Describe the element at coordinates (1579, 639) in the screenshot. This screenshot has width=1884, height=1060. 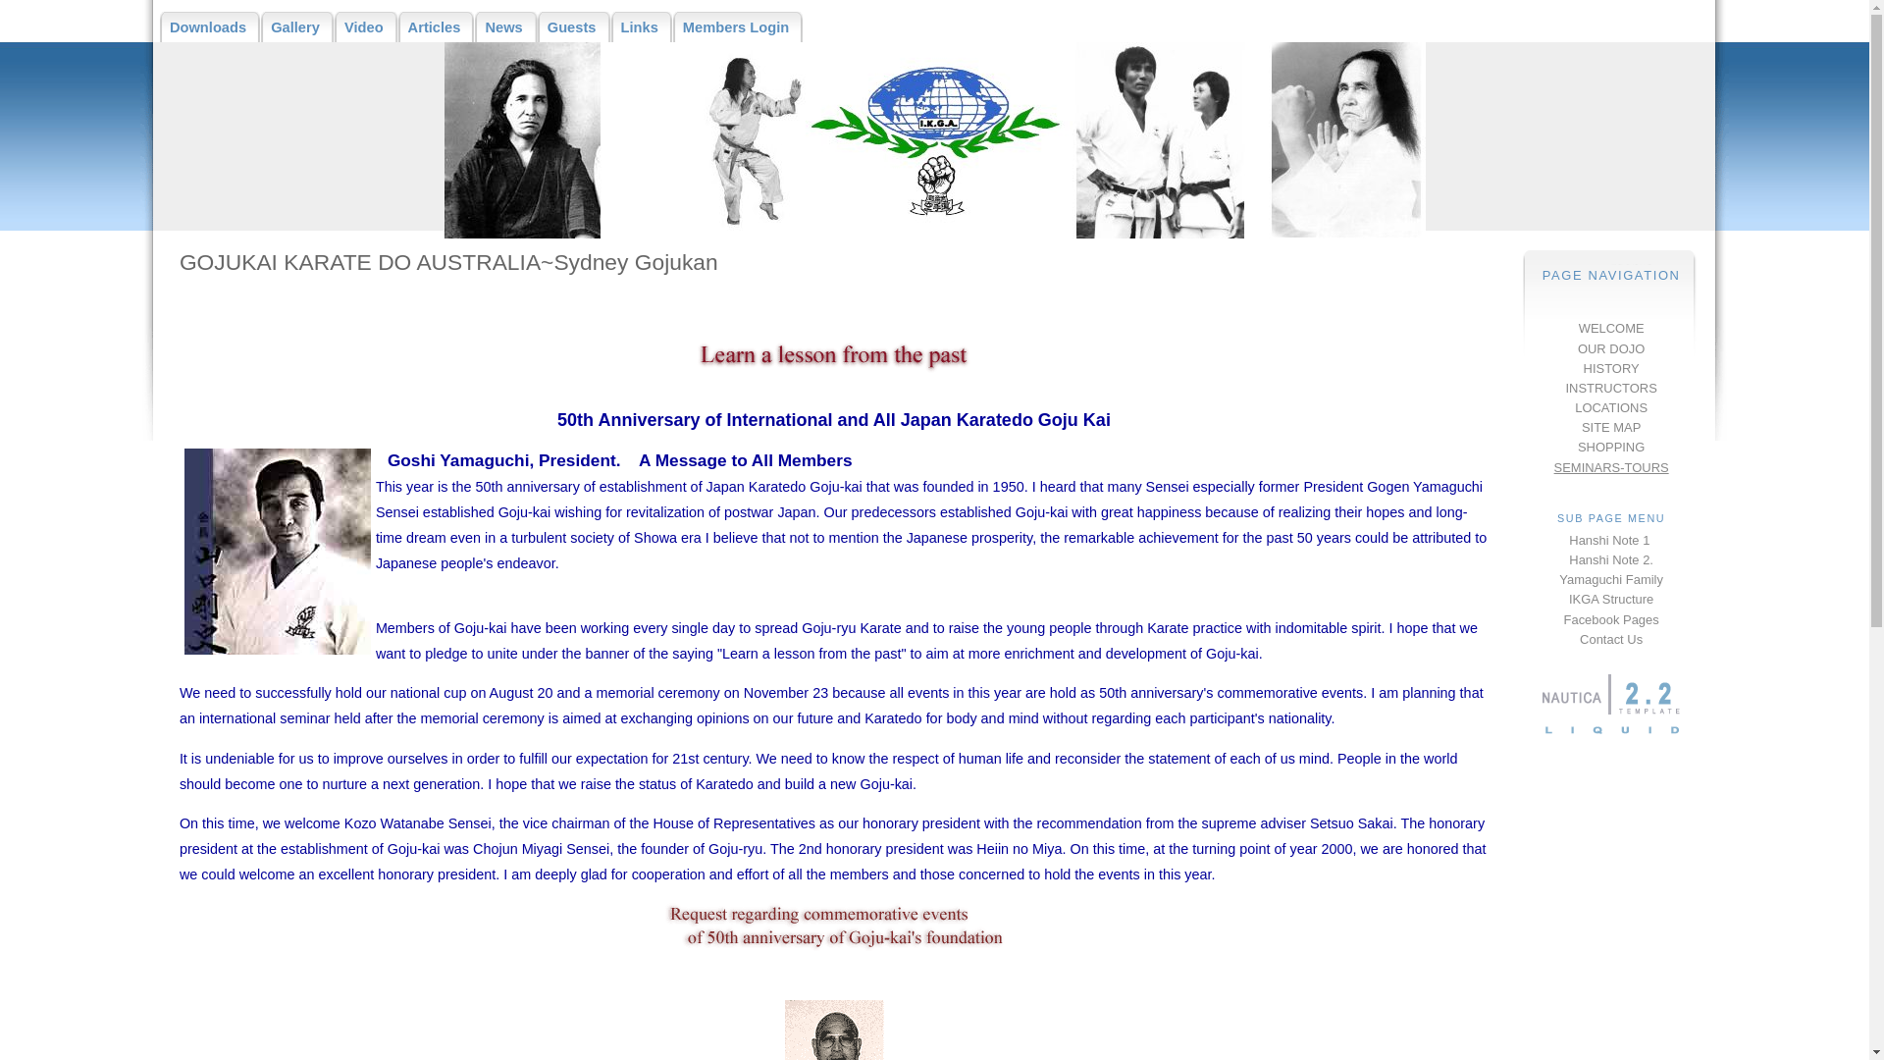
I see `'Contact Us'` at that location.